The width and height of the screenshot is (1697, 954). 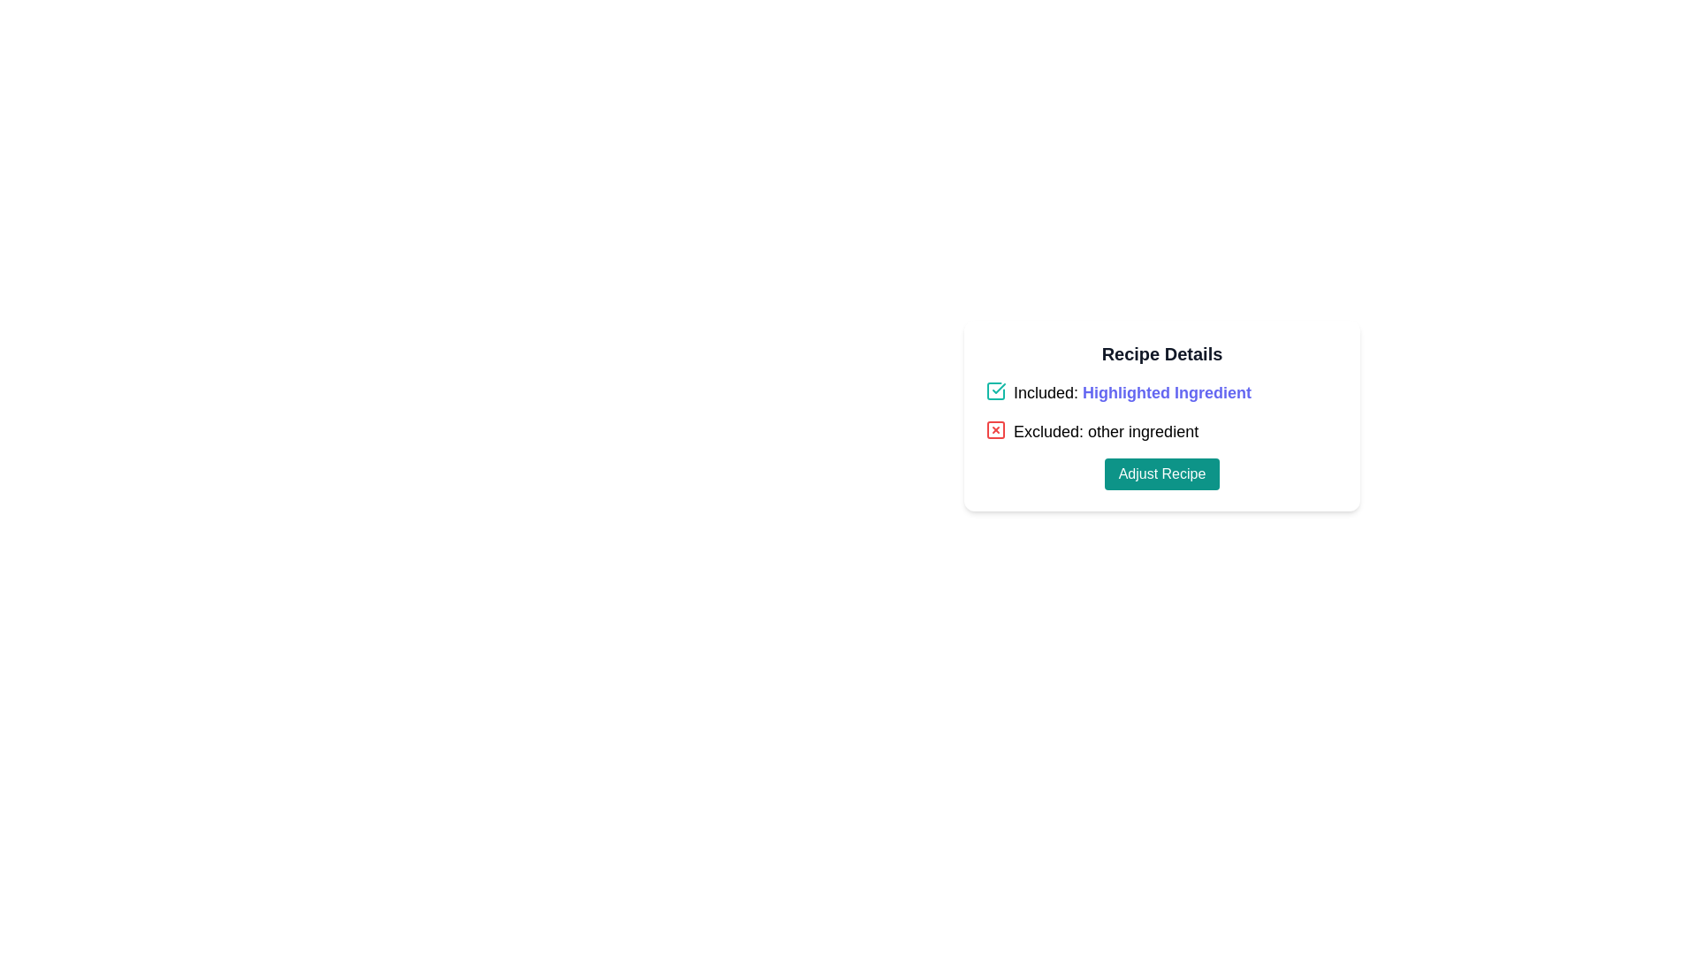 What do you see at coordinates (996, 429) in the screenshot?
I see `the square-shaped icon with a red border and a red 'X' inside, which indicates exclusion and is located to the left of the text 'Excluded: other ingredient' in the top-right region of the Recipe Details card` at bounding box center [996, 429].